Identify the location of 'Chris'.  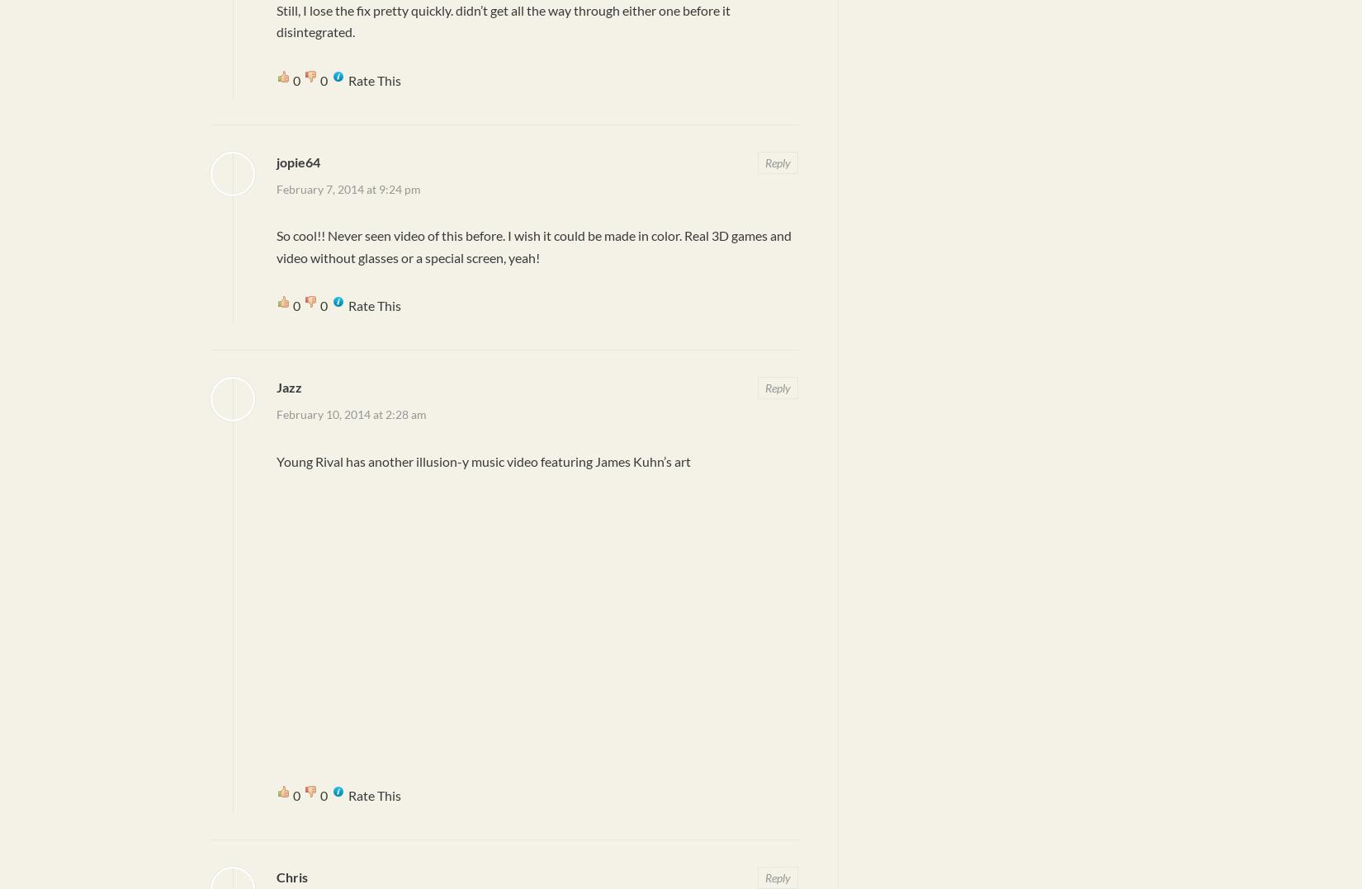
(276, 876).